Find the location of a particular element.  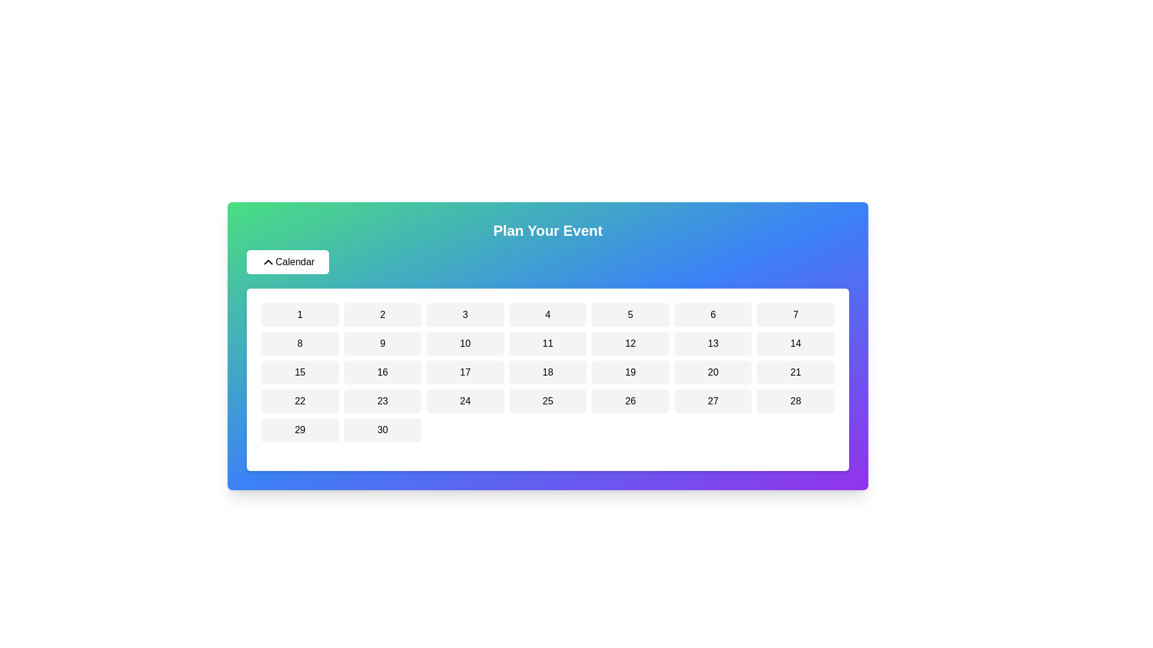

the selectable button in the grid located in the second row and third column, which is positioned between '9' and '11' is located at coordinates (464, 344).